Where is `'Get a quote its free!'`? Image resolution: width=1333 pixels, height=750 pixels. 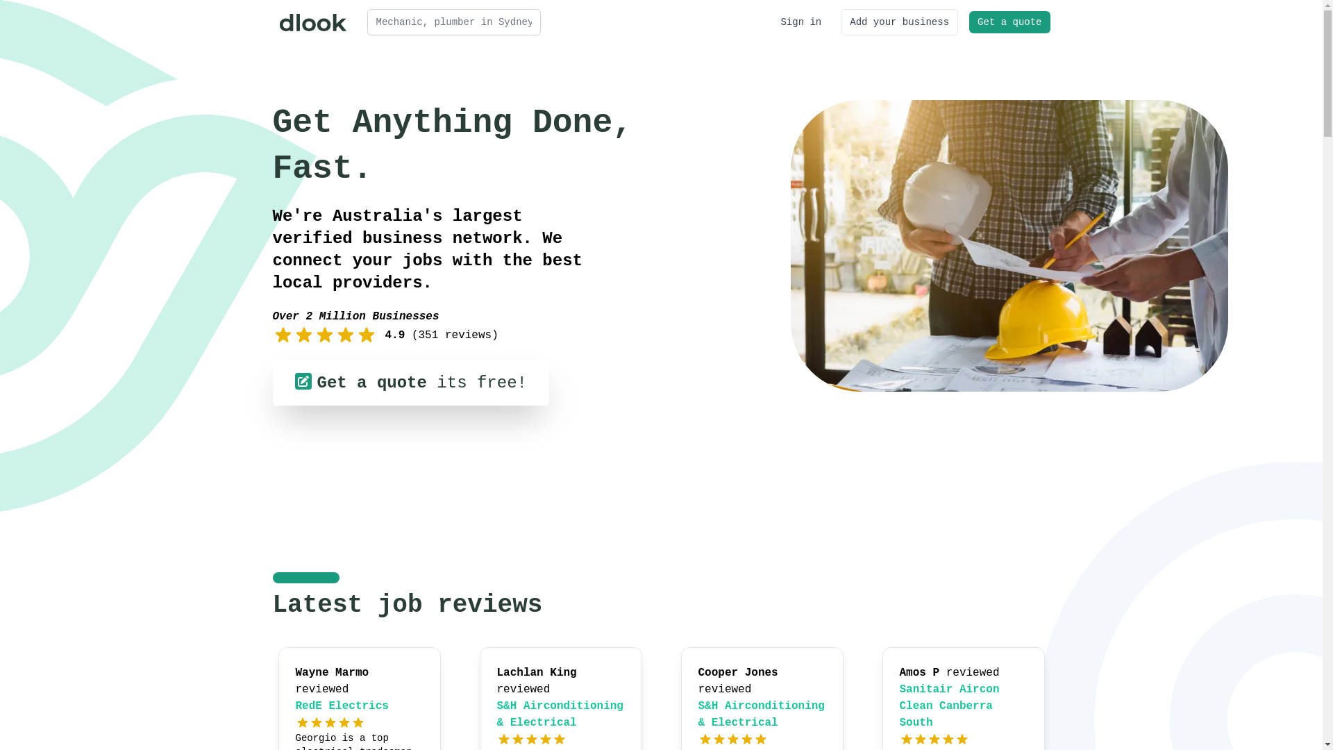
'Get a quote its free!' is located at coordinates (409, 383).